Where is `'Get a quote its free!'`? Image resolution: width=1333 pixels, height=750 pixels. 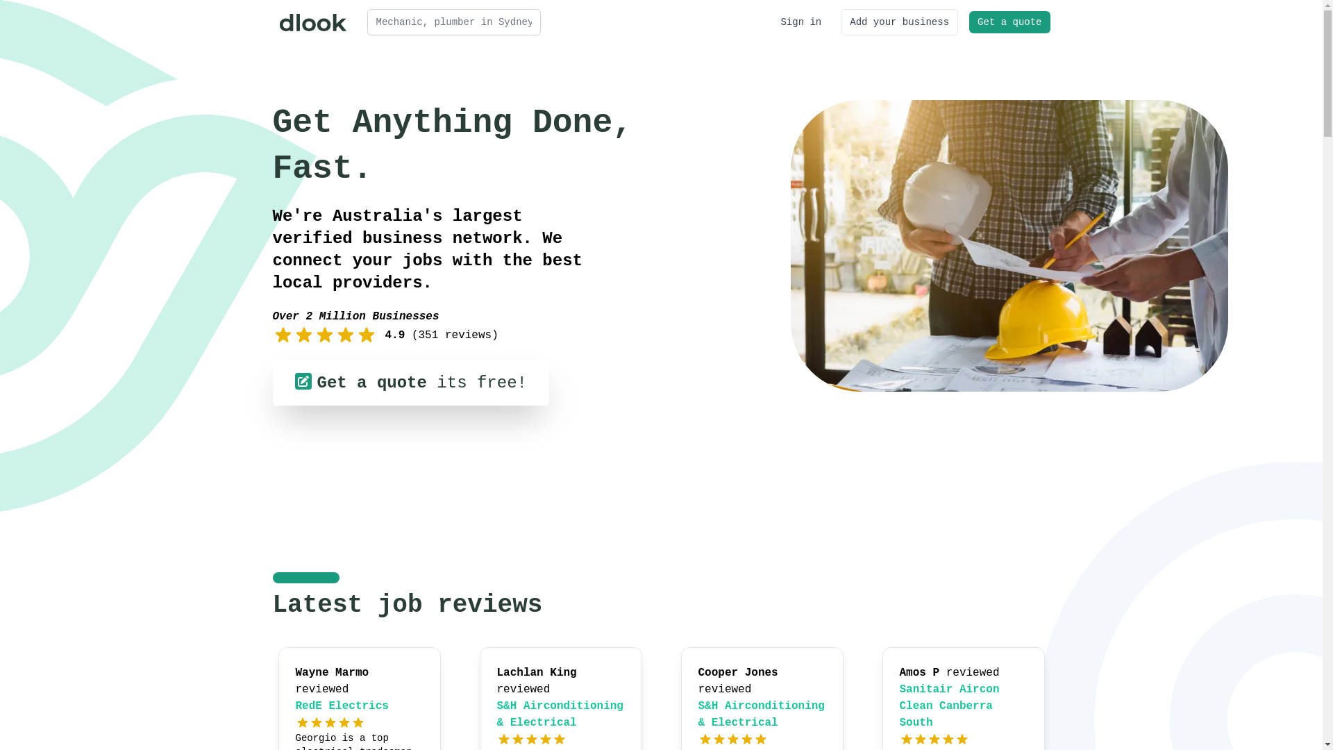
'Get a quote its free!' is located at coordinates (409, 383).